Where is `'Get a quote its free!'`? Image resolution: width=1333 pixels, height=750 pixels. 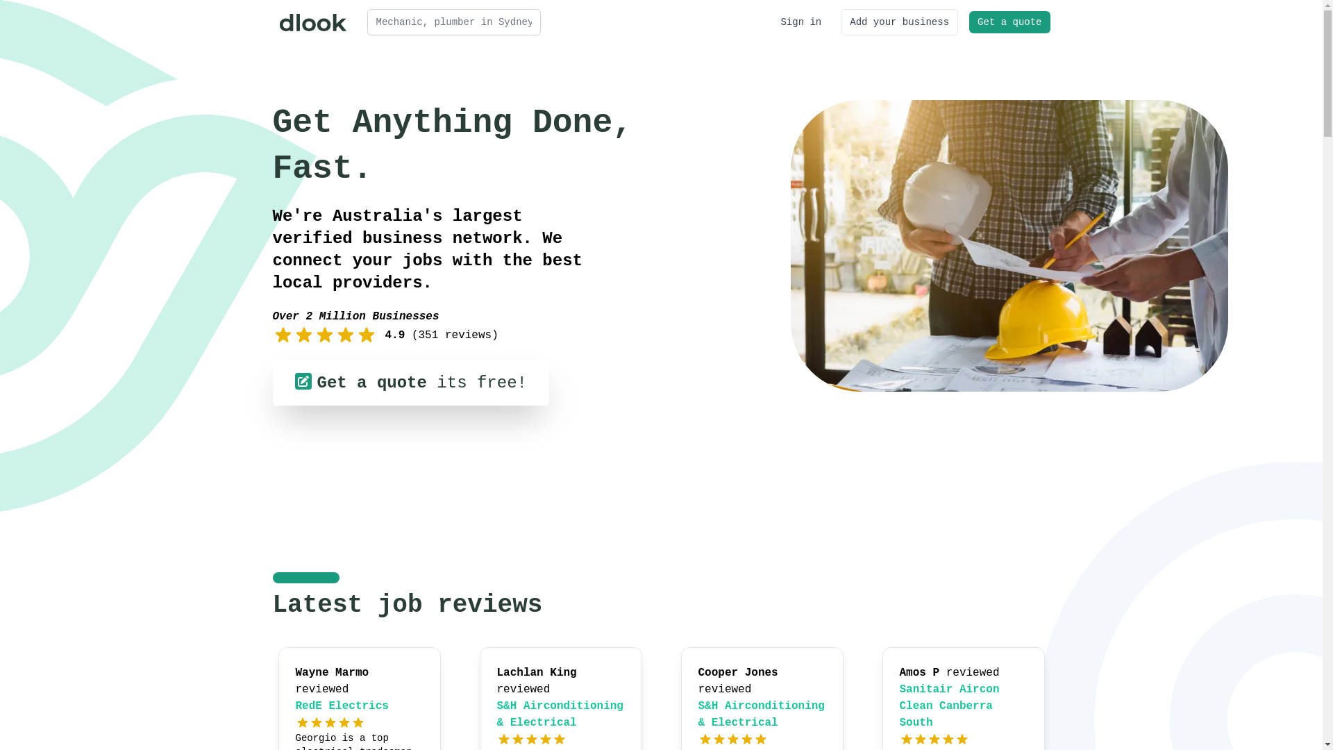
'Get a quote its free!' is located at coordinates (409, 383).